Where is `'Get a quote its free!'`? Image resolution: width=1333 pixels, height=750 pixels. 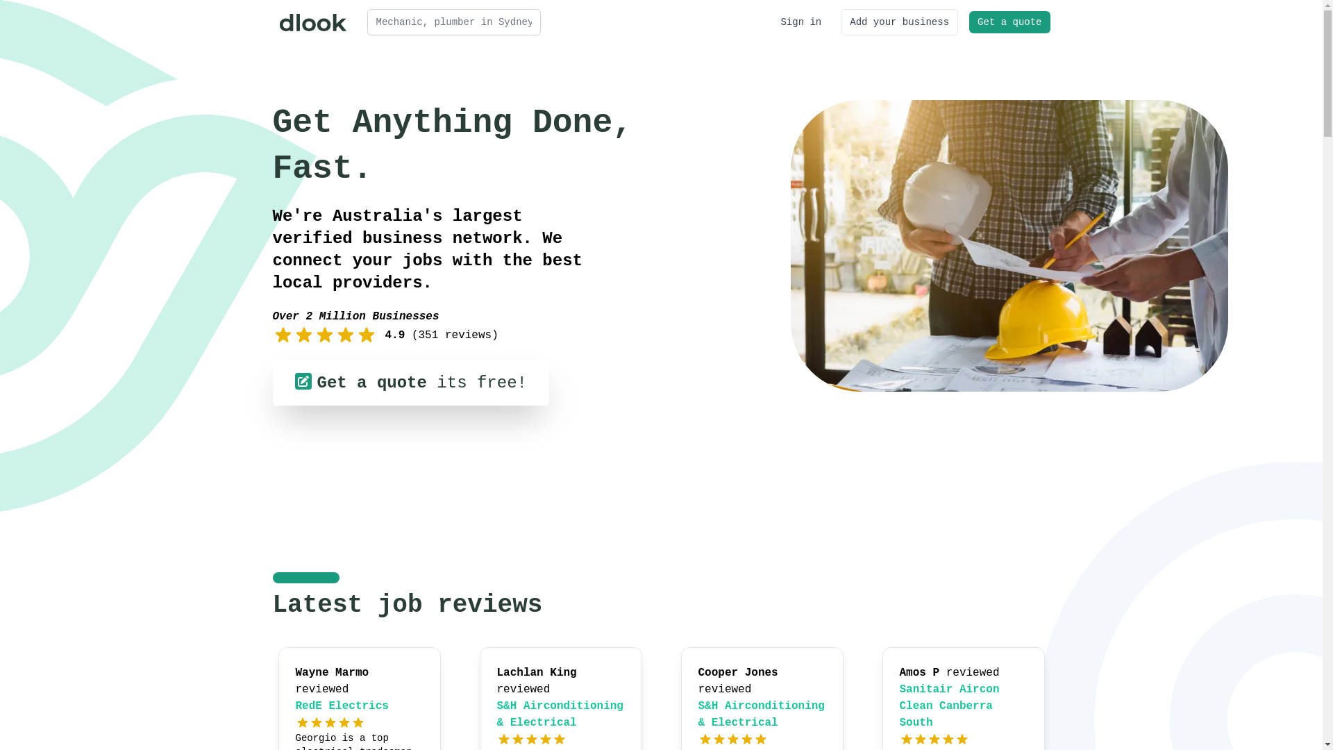
'Get a quote its free!' is located at coordinates (409, 383).